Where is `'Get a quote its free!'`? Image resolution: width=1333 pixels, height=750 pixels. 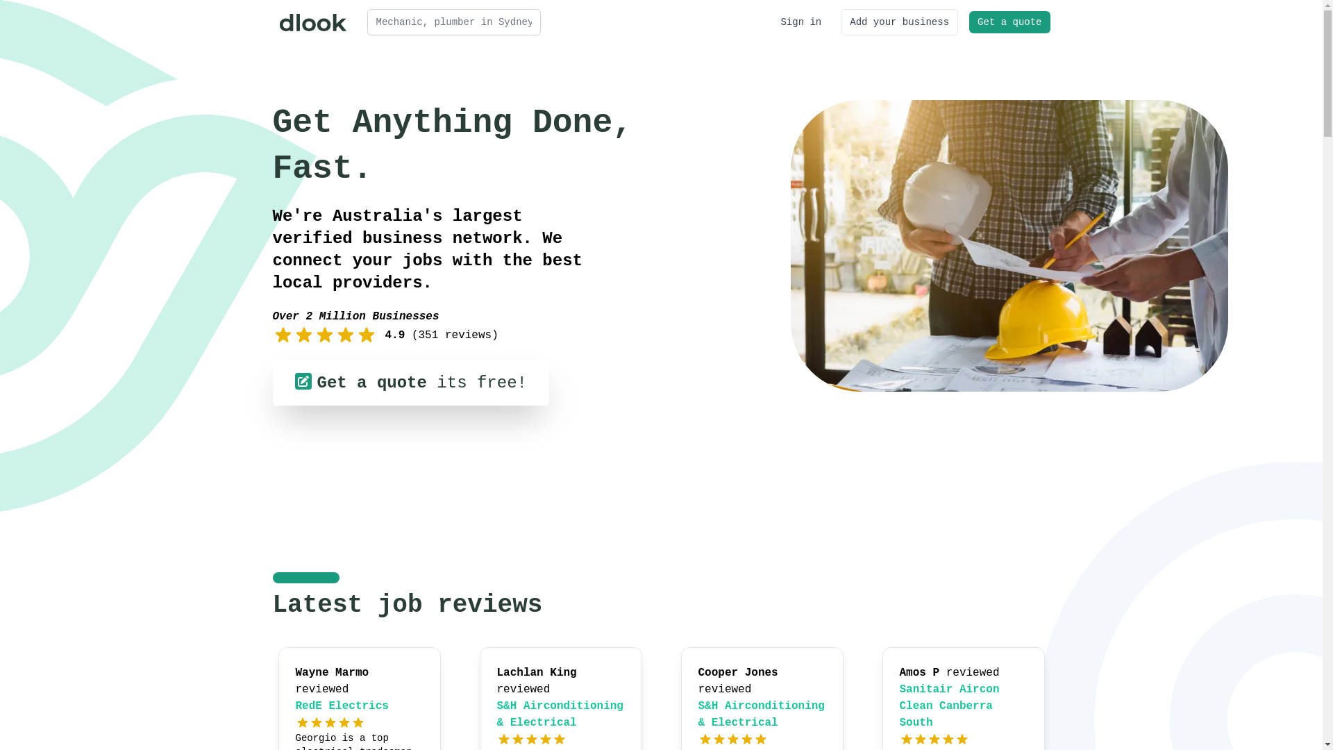
'Get a quote its free!' is located at coordinates (409, 383).